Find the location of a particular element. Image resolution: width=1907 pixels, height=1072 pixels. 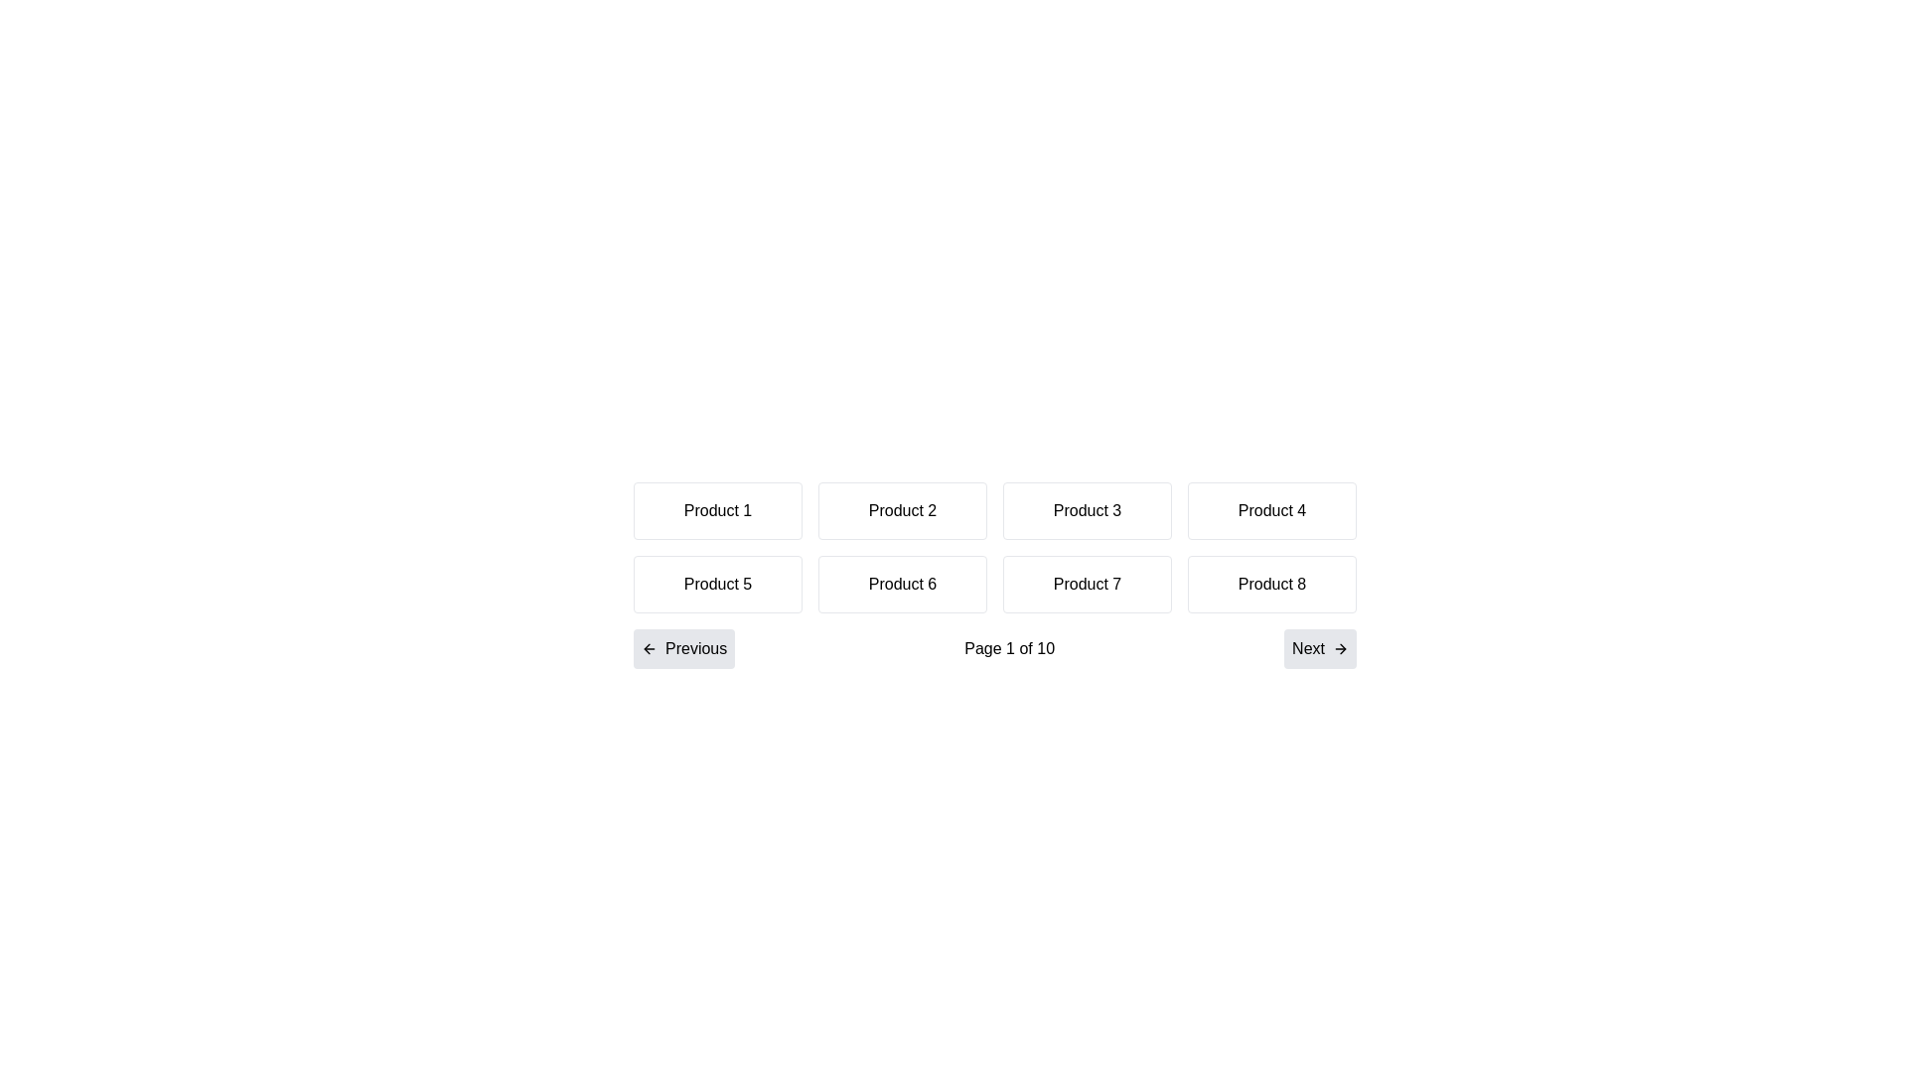

the second clickable card representing 'Product 2', which is positioned in the top row of the grid layout between 'Product 1' and 'Product 3' is located at coordinates (901, 510).